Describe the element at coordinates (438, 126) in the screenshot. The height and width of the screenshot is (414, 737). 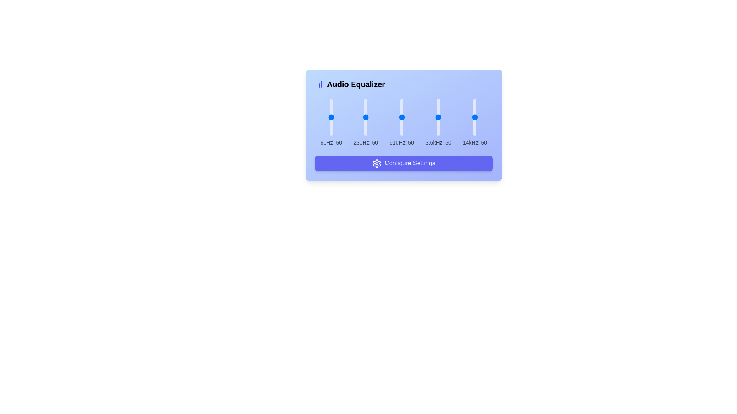
I see `the 3.6kHz audio equalizer slider` at that location.